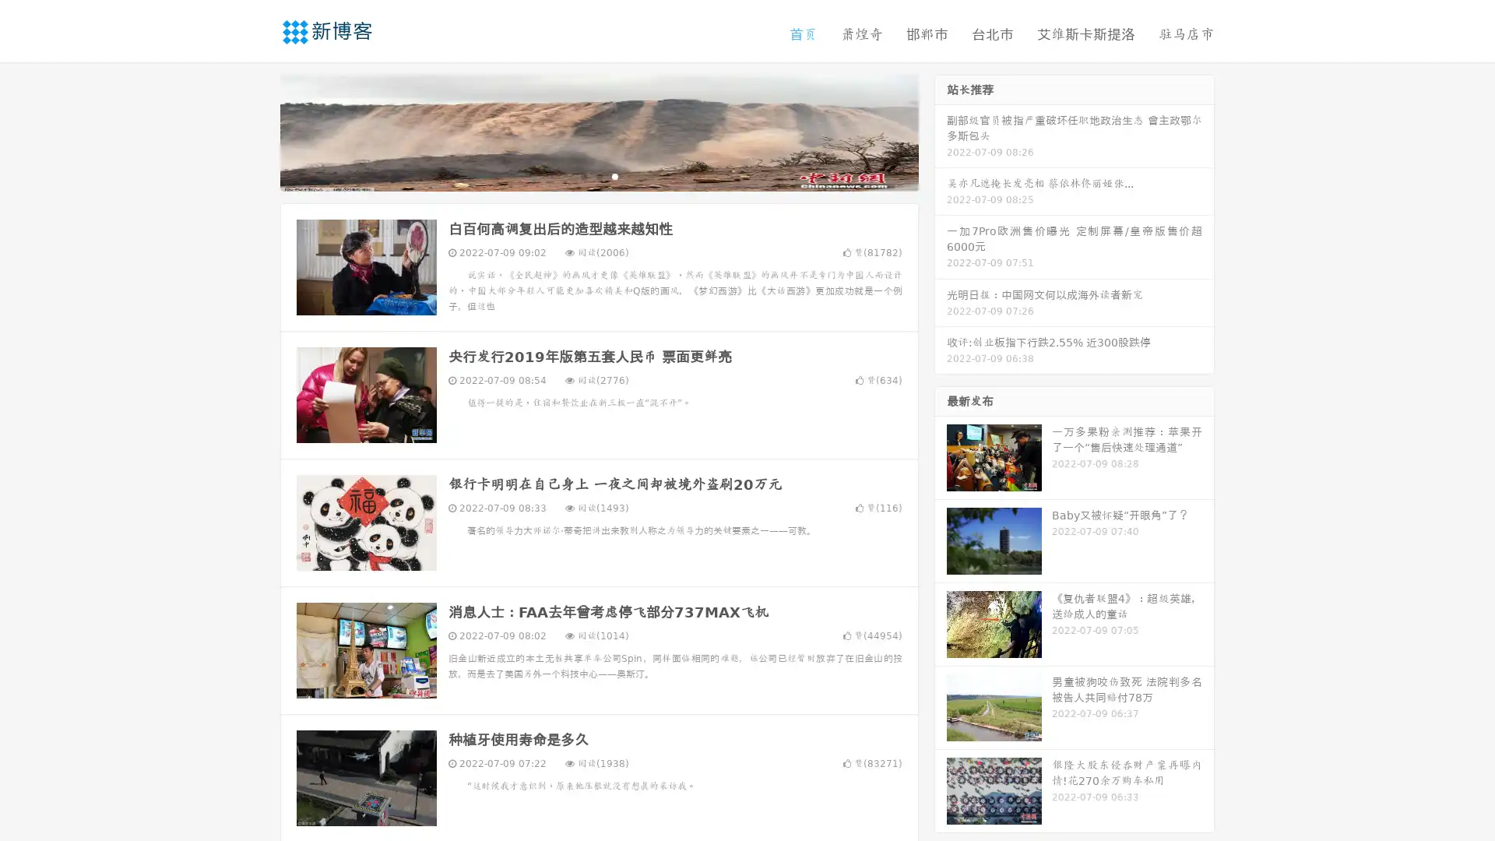  What do you see at coordinates (257, 131) in the screenshot?
I see `Previous slide` at bounding box center [257, 131].